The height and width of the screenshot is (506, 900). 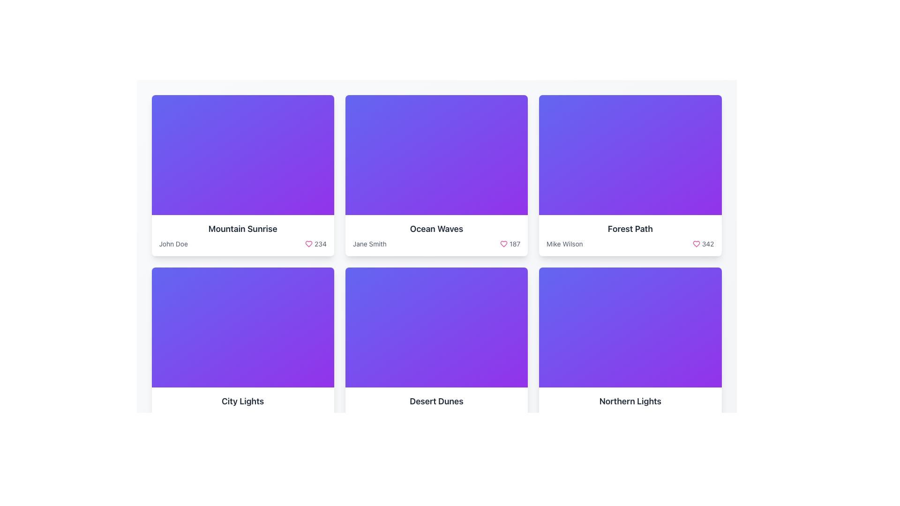 What do you see at coordinates (243, 155) in the screenshot?
I see `the image placeholder located in the top-left corner of the 'Mountain Sunrise' card` at bounding box center [243, 155].